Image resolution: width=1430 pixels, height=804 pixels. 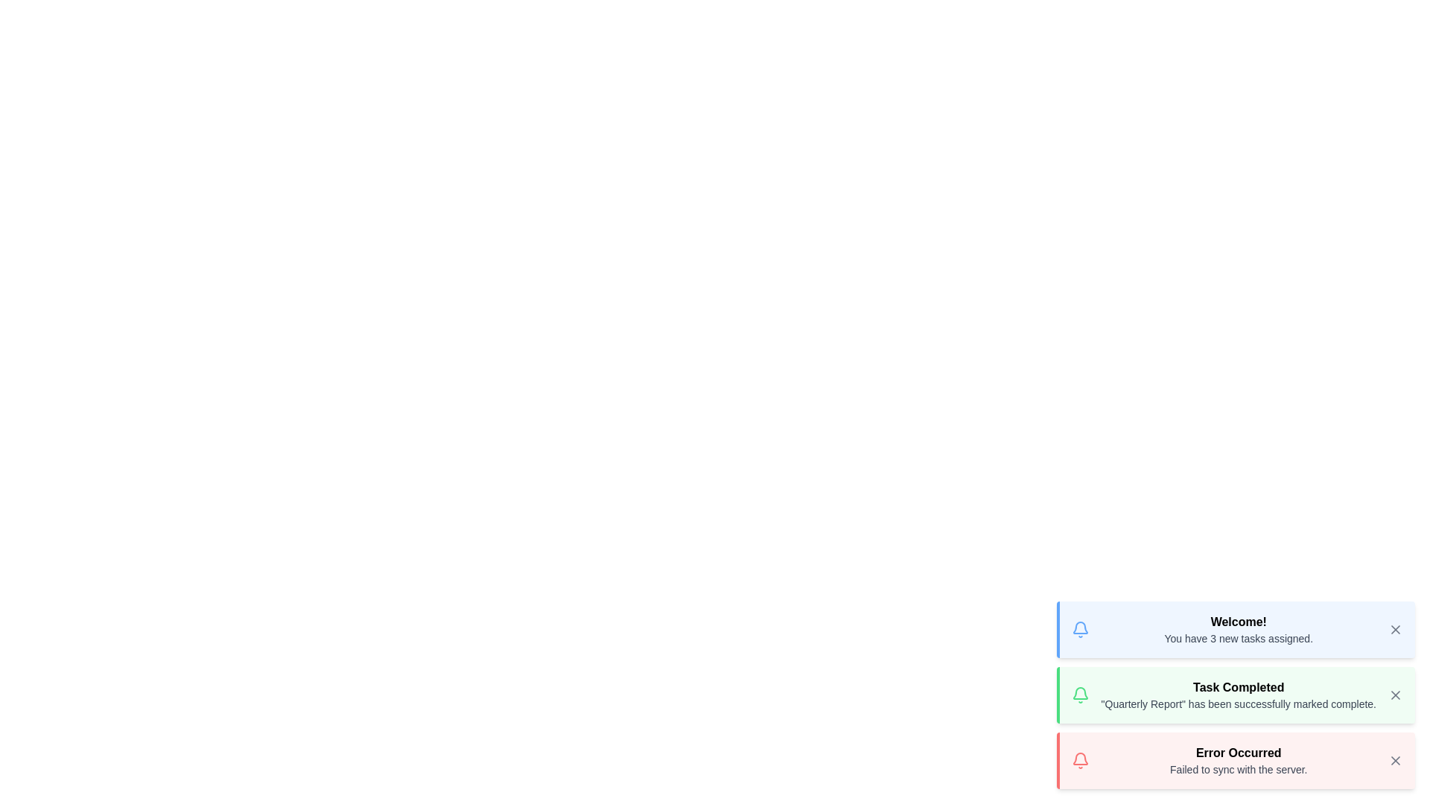 What do you see at coordinates (1239, 637) in the screenshot?
I see `the static text label that reads 'You have 3 new tasks assigned.' located below the heading 'Welcome!' in the first notification box` at bounding box center [1239, 637].